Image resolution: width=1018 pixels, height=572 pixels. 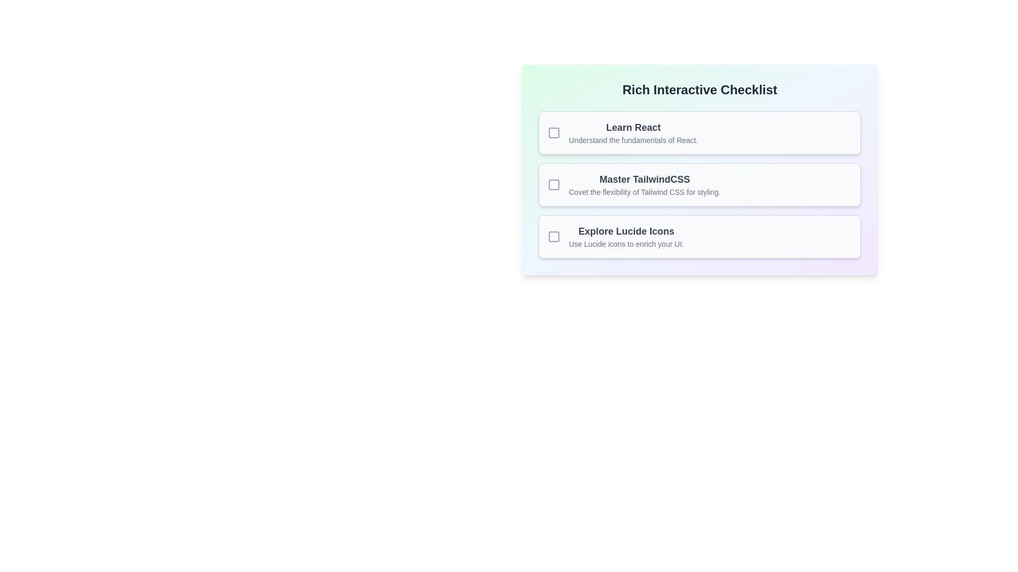 What do you see at coordinates (626, 230) in the screenshot?
I see `the text label that serves as the title for the checklist item, located directly above the description text 'Use Lucide icons to enrich your UI.' in the third item of the checklist` at bounding box center [626, 230].